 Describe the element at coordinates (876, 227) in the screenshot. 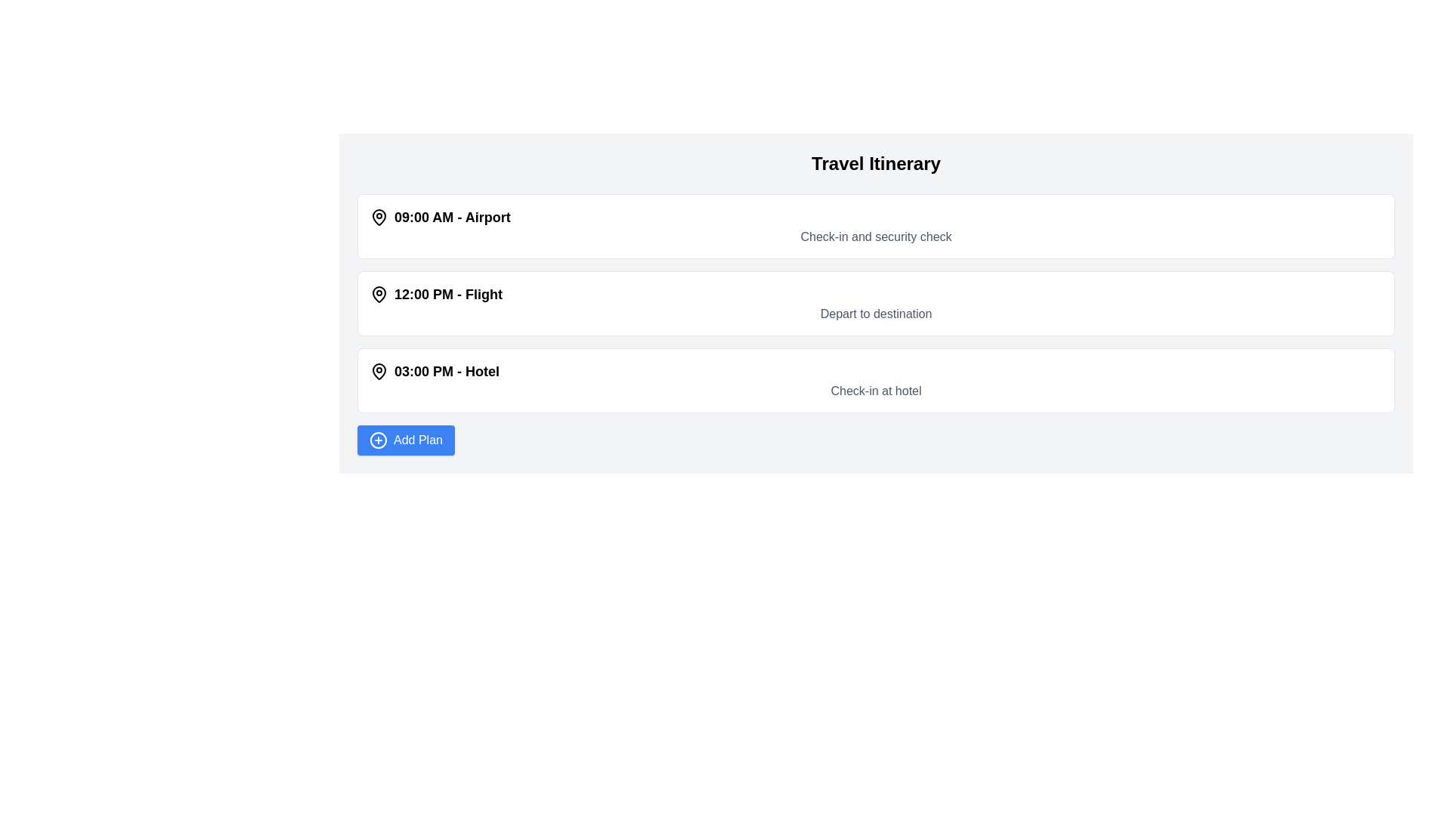

I see `the Event Card displaying '09:00 AM - Airport' in the Travel Itinerary section` at that location.